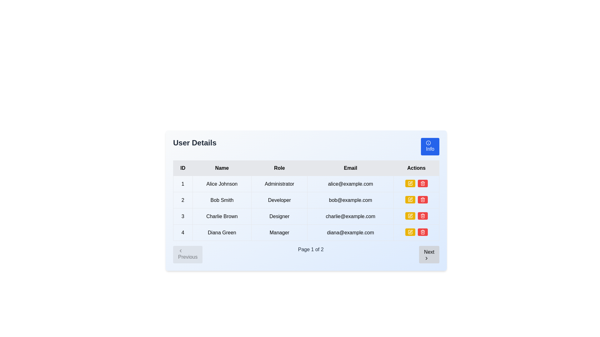  I want to click on edit icon graphic located in the 'Actions' column for the row corresponding to user 'Bob Smith', so click(410, 183).